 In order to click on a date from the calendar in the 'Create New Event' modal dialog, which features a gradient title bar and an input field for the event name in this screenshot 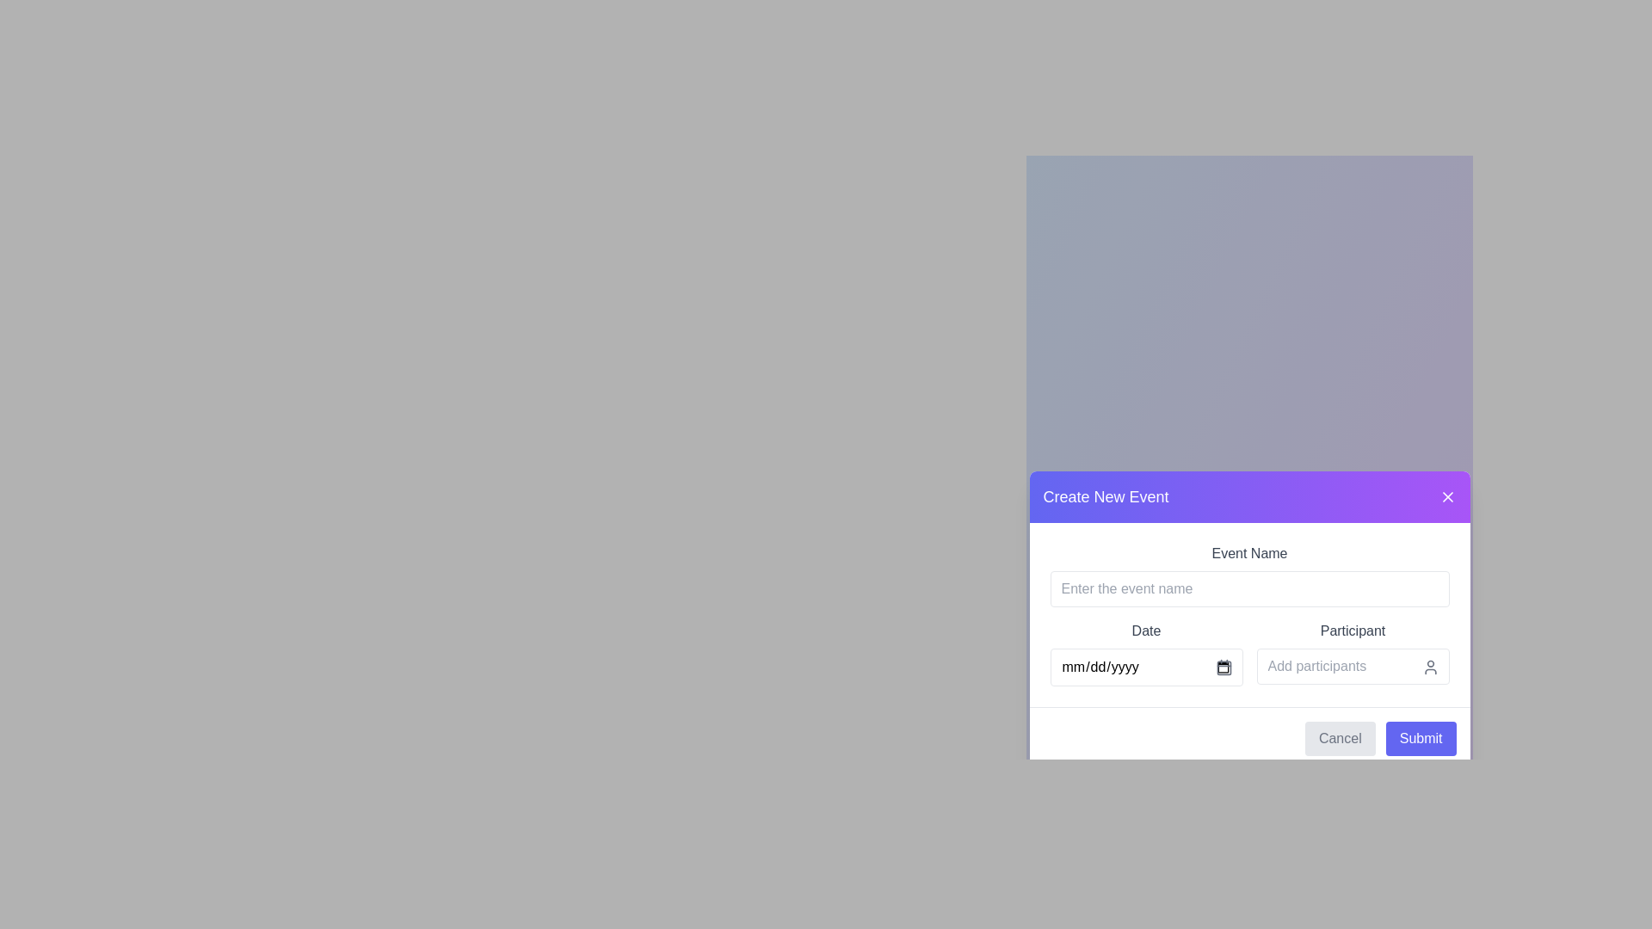, I will do `click(1249, 620)`.